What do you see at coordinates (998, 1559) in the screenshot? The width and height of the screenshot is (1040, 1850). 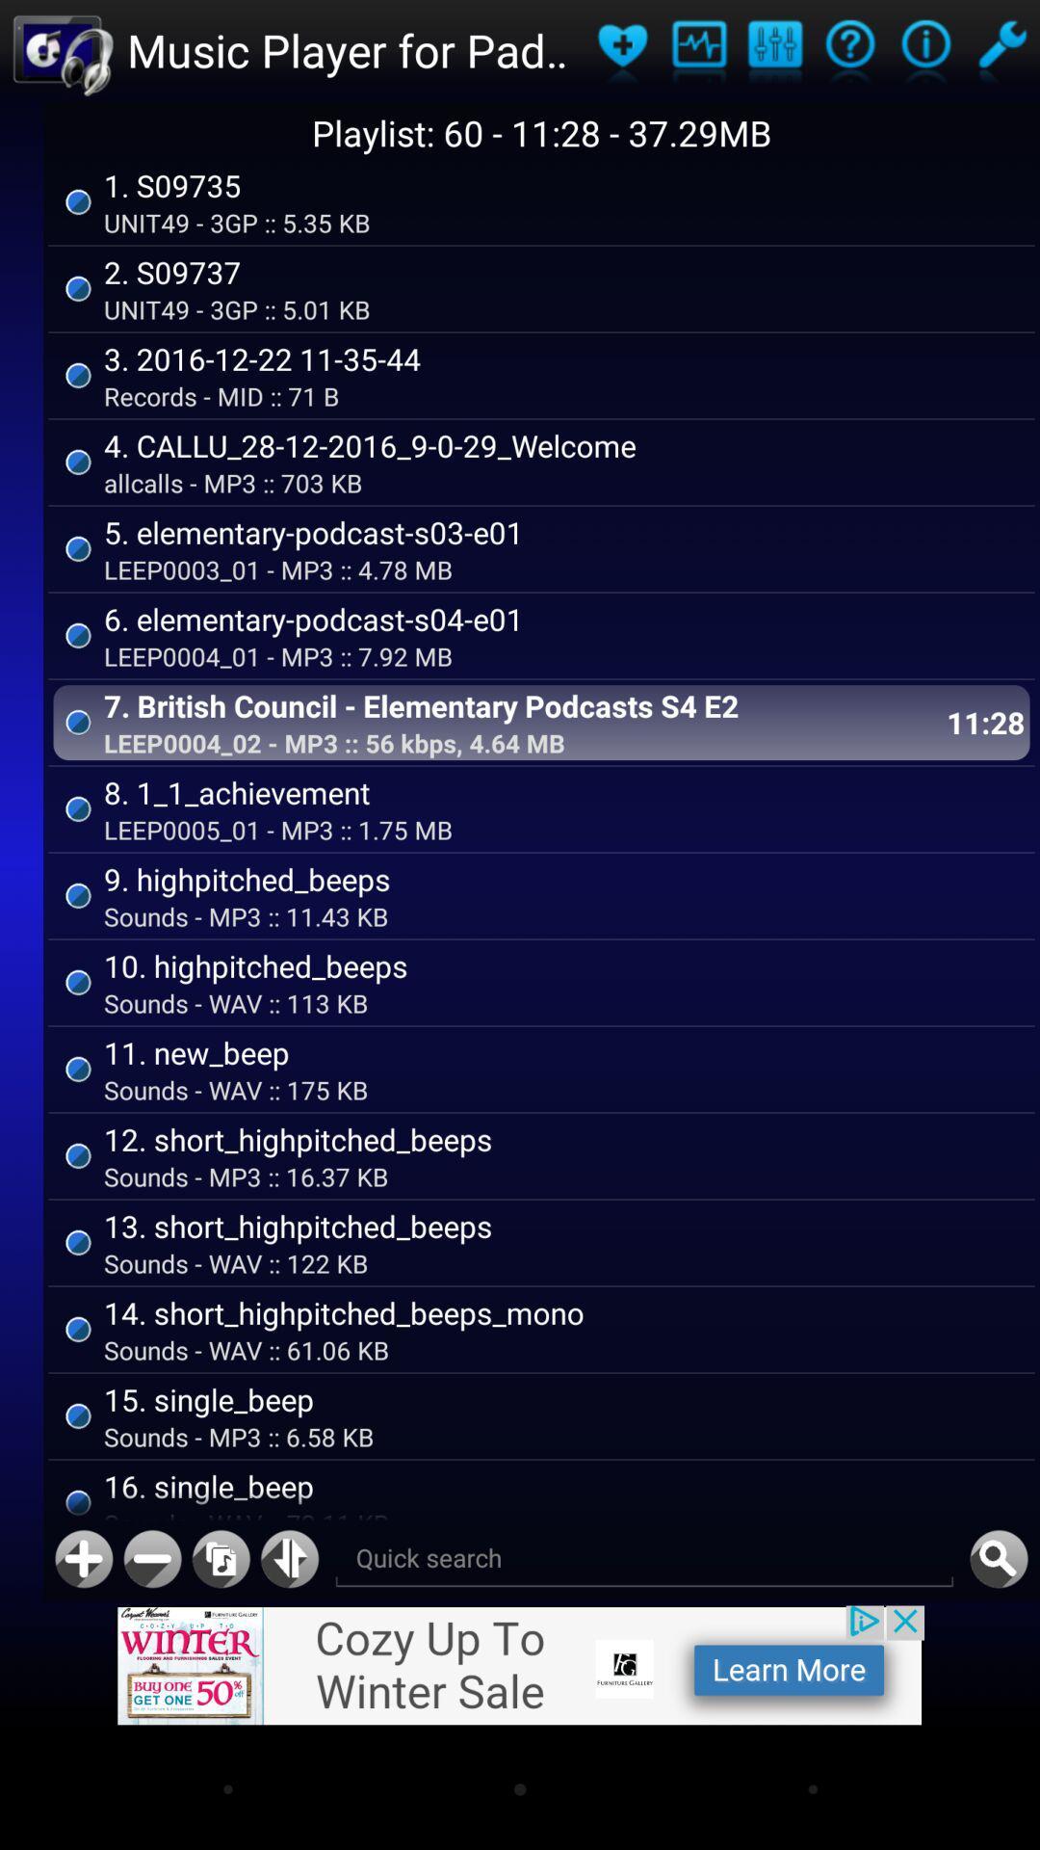 I see `search` at bounding box center [998, 1559].